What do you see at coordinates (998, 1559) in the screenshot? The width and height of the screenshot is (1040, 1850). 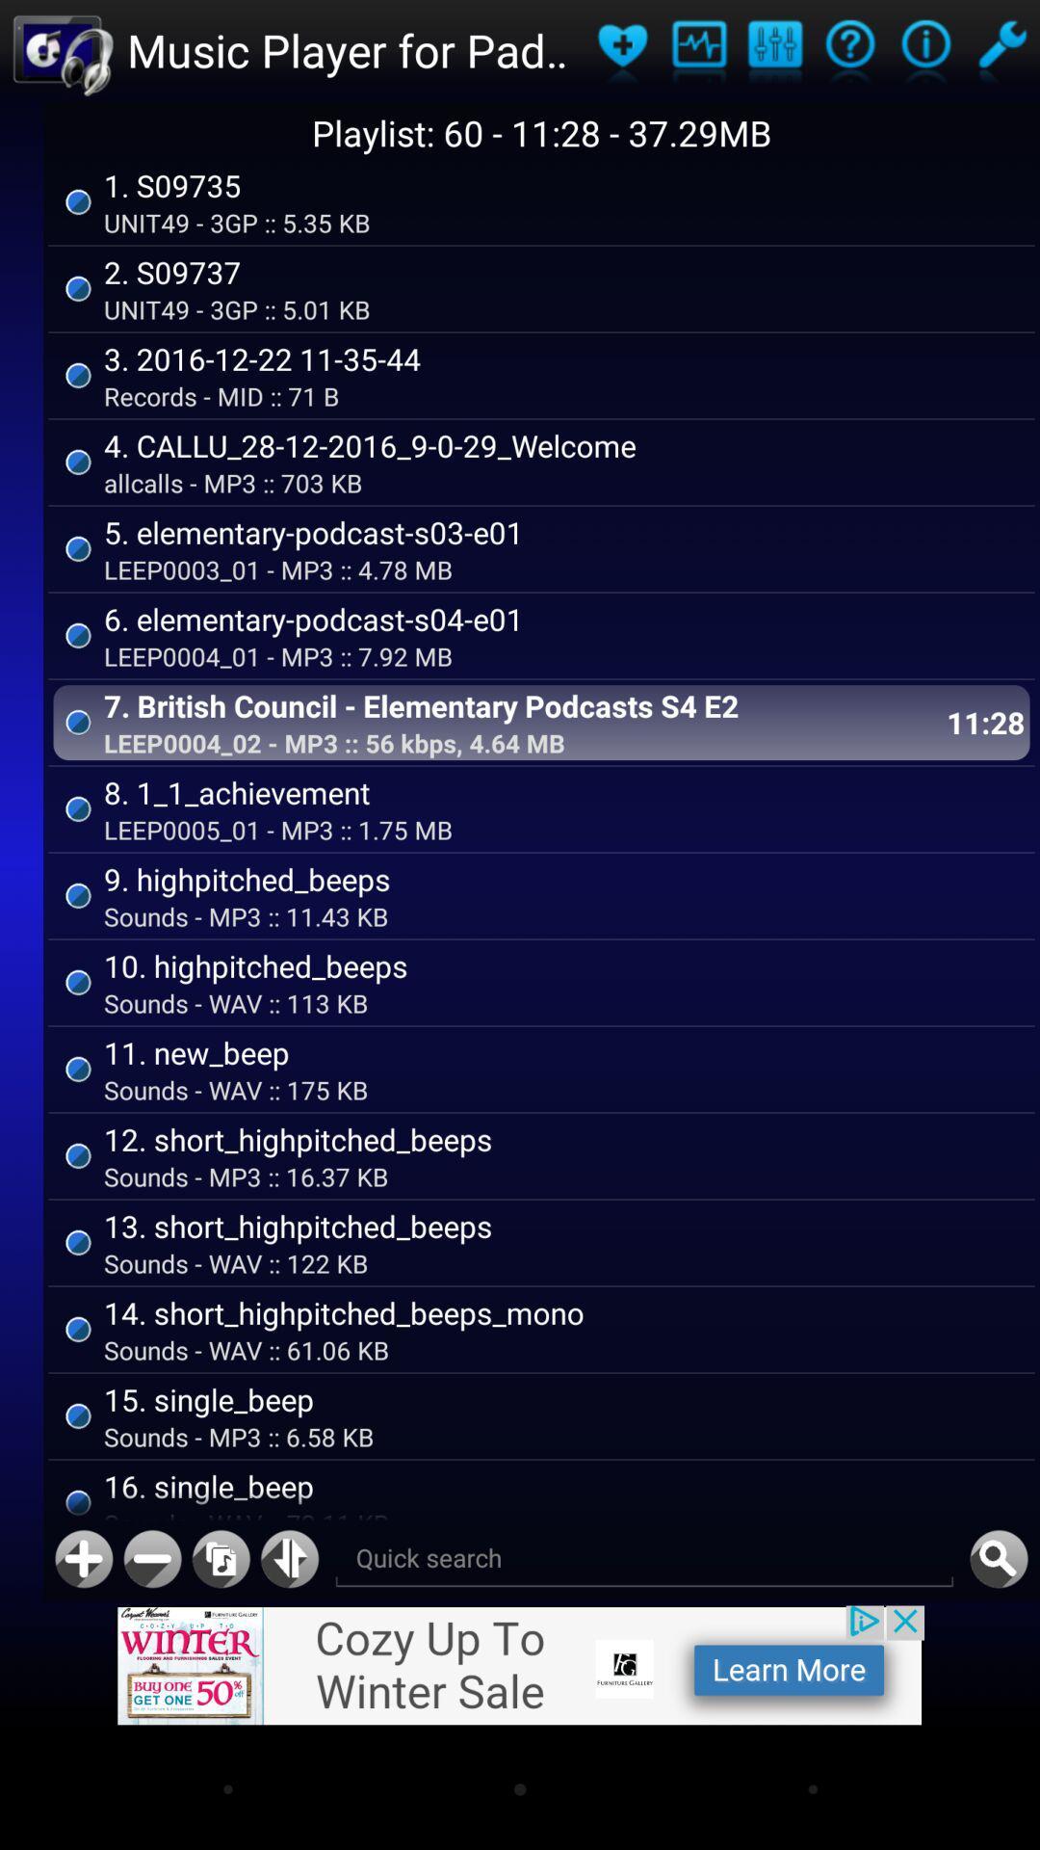 I see `search` at bounding box center [998, 1559].